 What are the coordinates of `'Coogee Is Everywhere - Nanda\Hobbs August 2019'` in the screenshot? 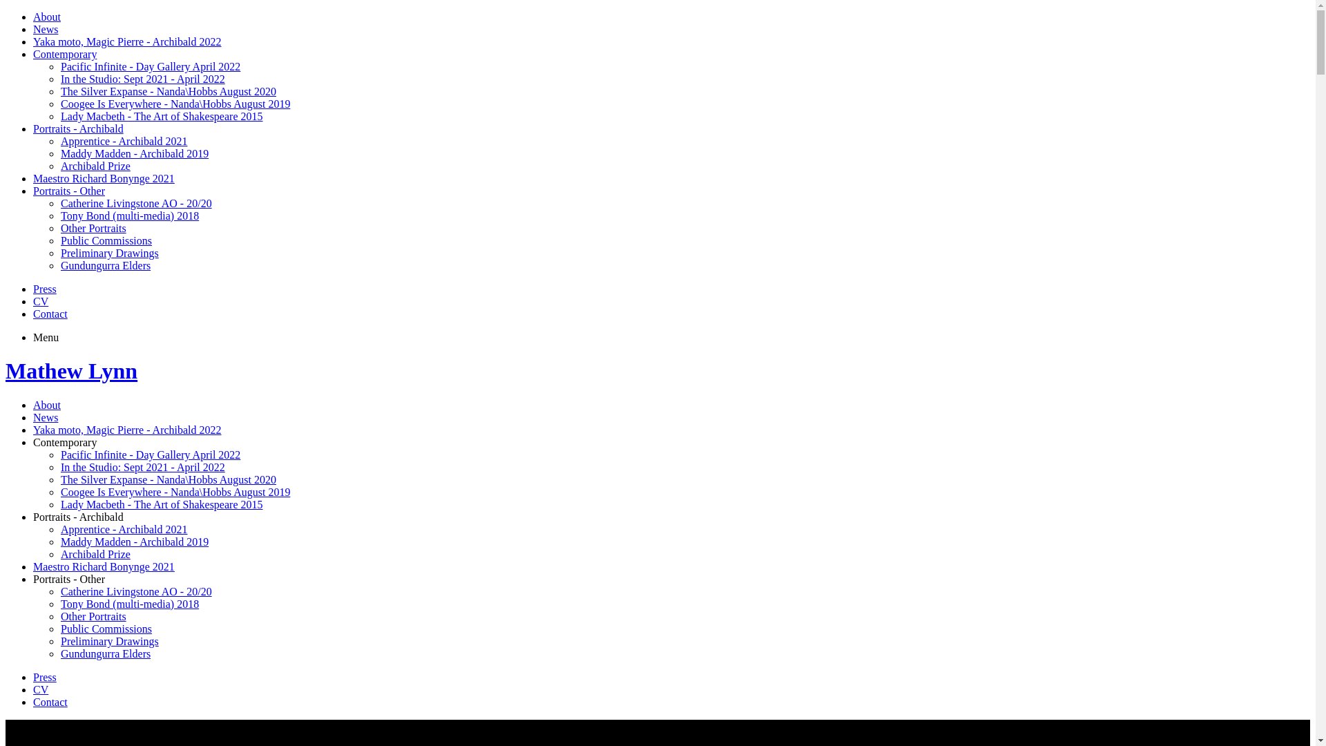 It's located at (175, 491).